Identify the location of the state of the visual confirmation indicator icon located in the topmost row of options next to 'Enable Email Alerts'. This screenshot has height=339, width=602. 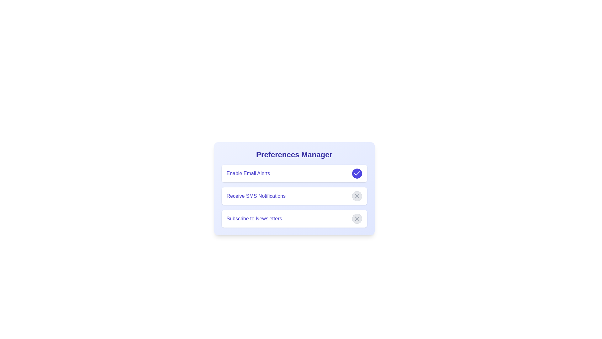
(357, 173).